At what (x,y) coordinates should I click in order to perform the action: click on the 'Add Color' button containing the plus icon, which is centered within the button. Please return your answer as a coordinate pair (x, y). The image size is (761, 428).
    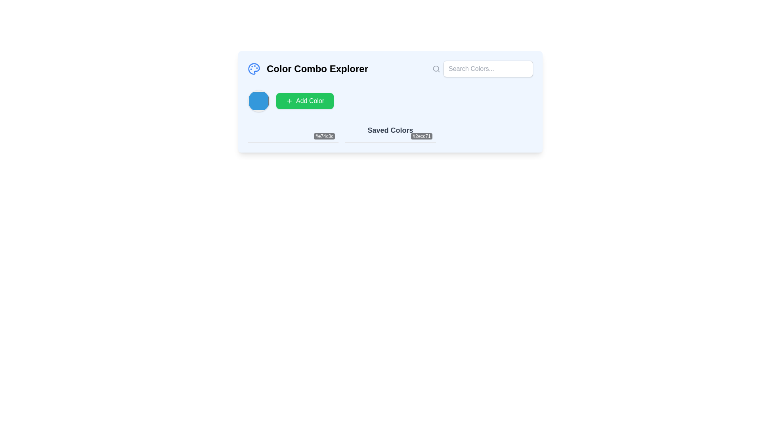
    Looking at the image, I should click on (289, 100).